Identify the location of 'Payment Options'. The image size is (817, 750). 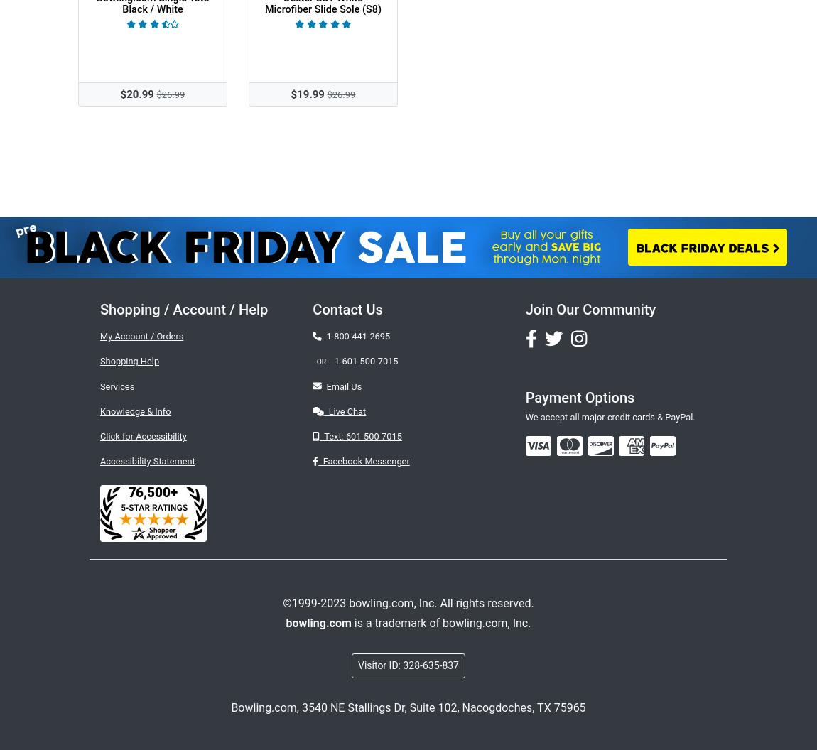
(524, 397).